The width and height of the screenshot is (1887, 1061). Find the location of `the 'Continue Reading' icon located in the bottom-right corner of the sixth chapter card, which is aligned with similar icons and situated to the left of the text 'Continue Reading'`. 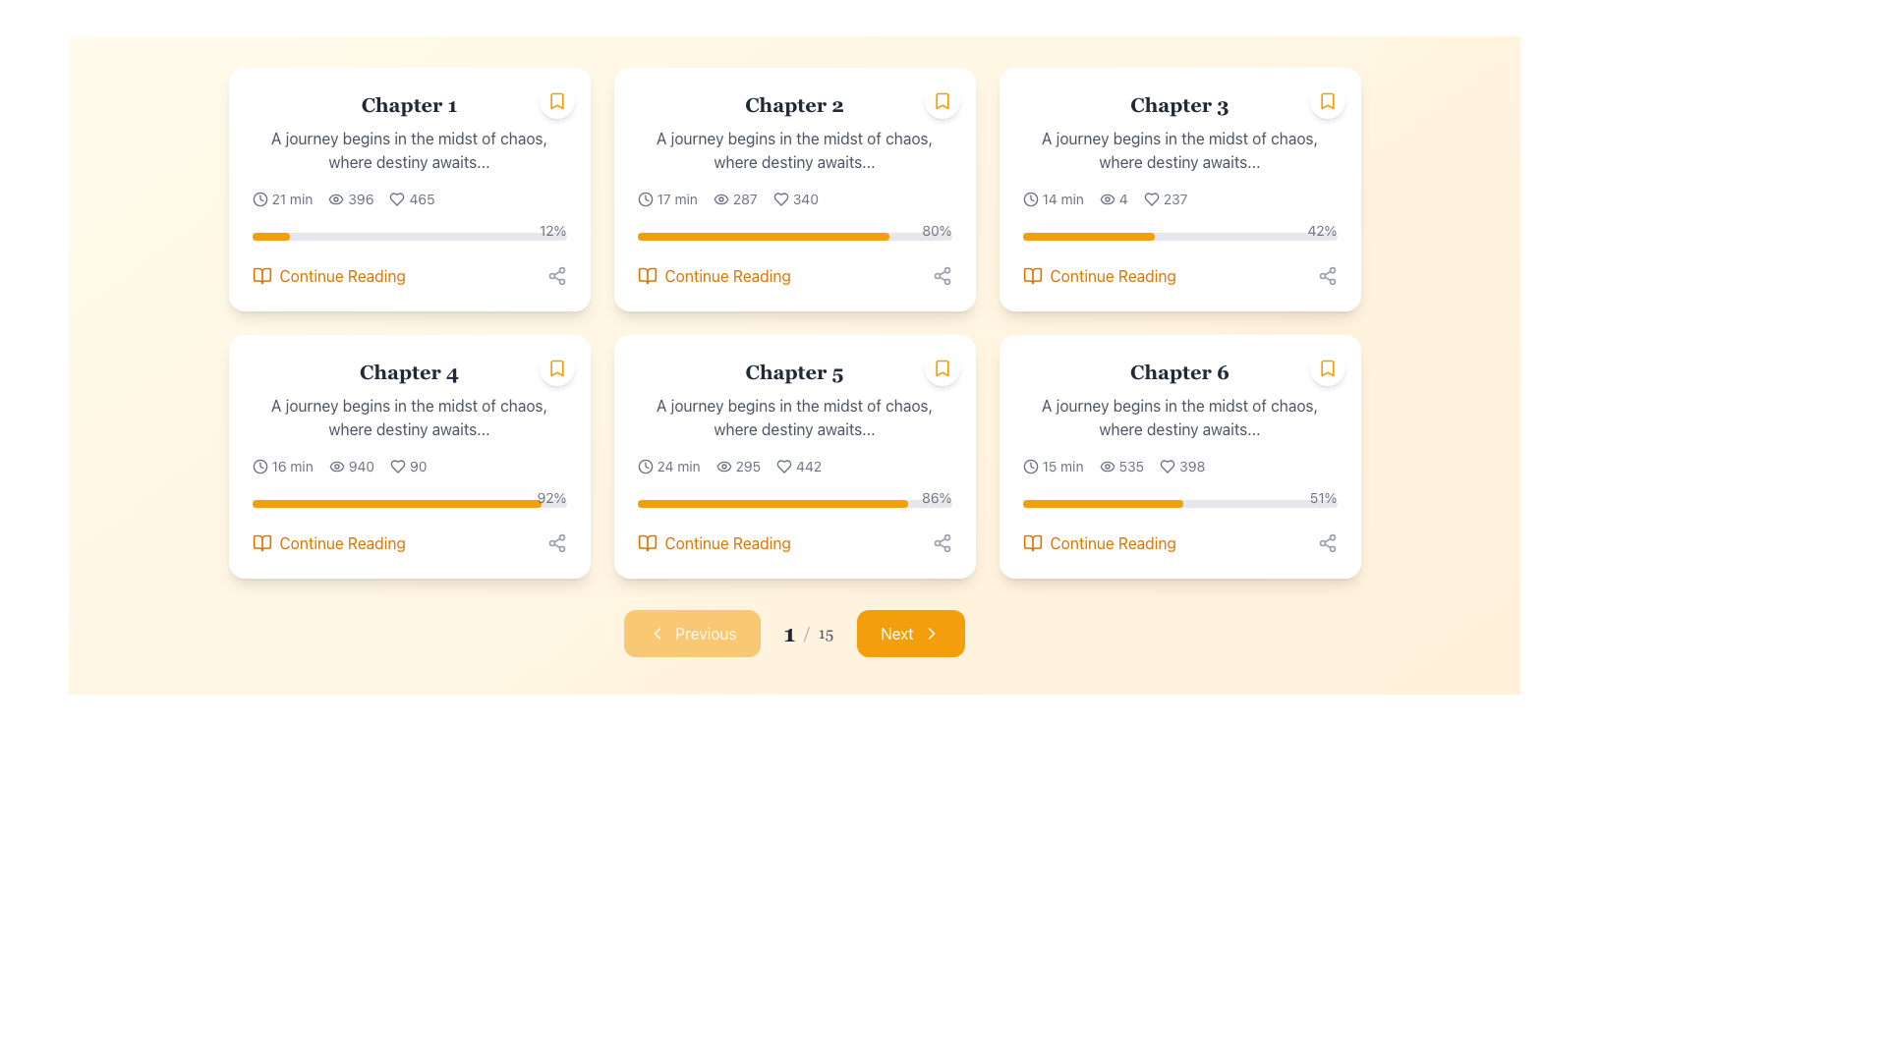

the 'Continue Reading' icon located in the bottom-right corner of the sixth chapter card, which is aligned with similar icons and situated to the left of the text 'Continue Reading' is located at coordinates (1031, 542).